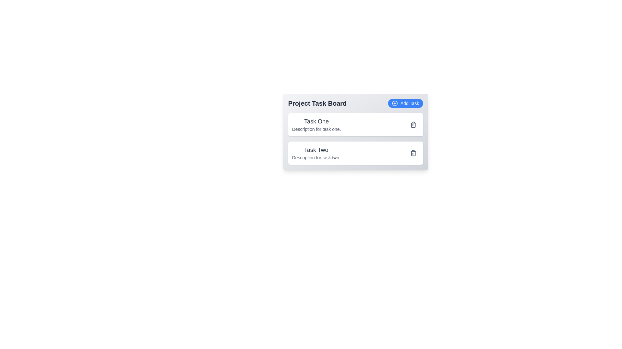  What do you see at coordinates (395, 103) in the screenshot?
I see `the circular icon that signifies the addition of a new task, located at the leftmost part of the 'Add Task' button in the top-right corner of the 'Project Task Board'` at bounding box center [395, 103].